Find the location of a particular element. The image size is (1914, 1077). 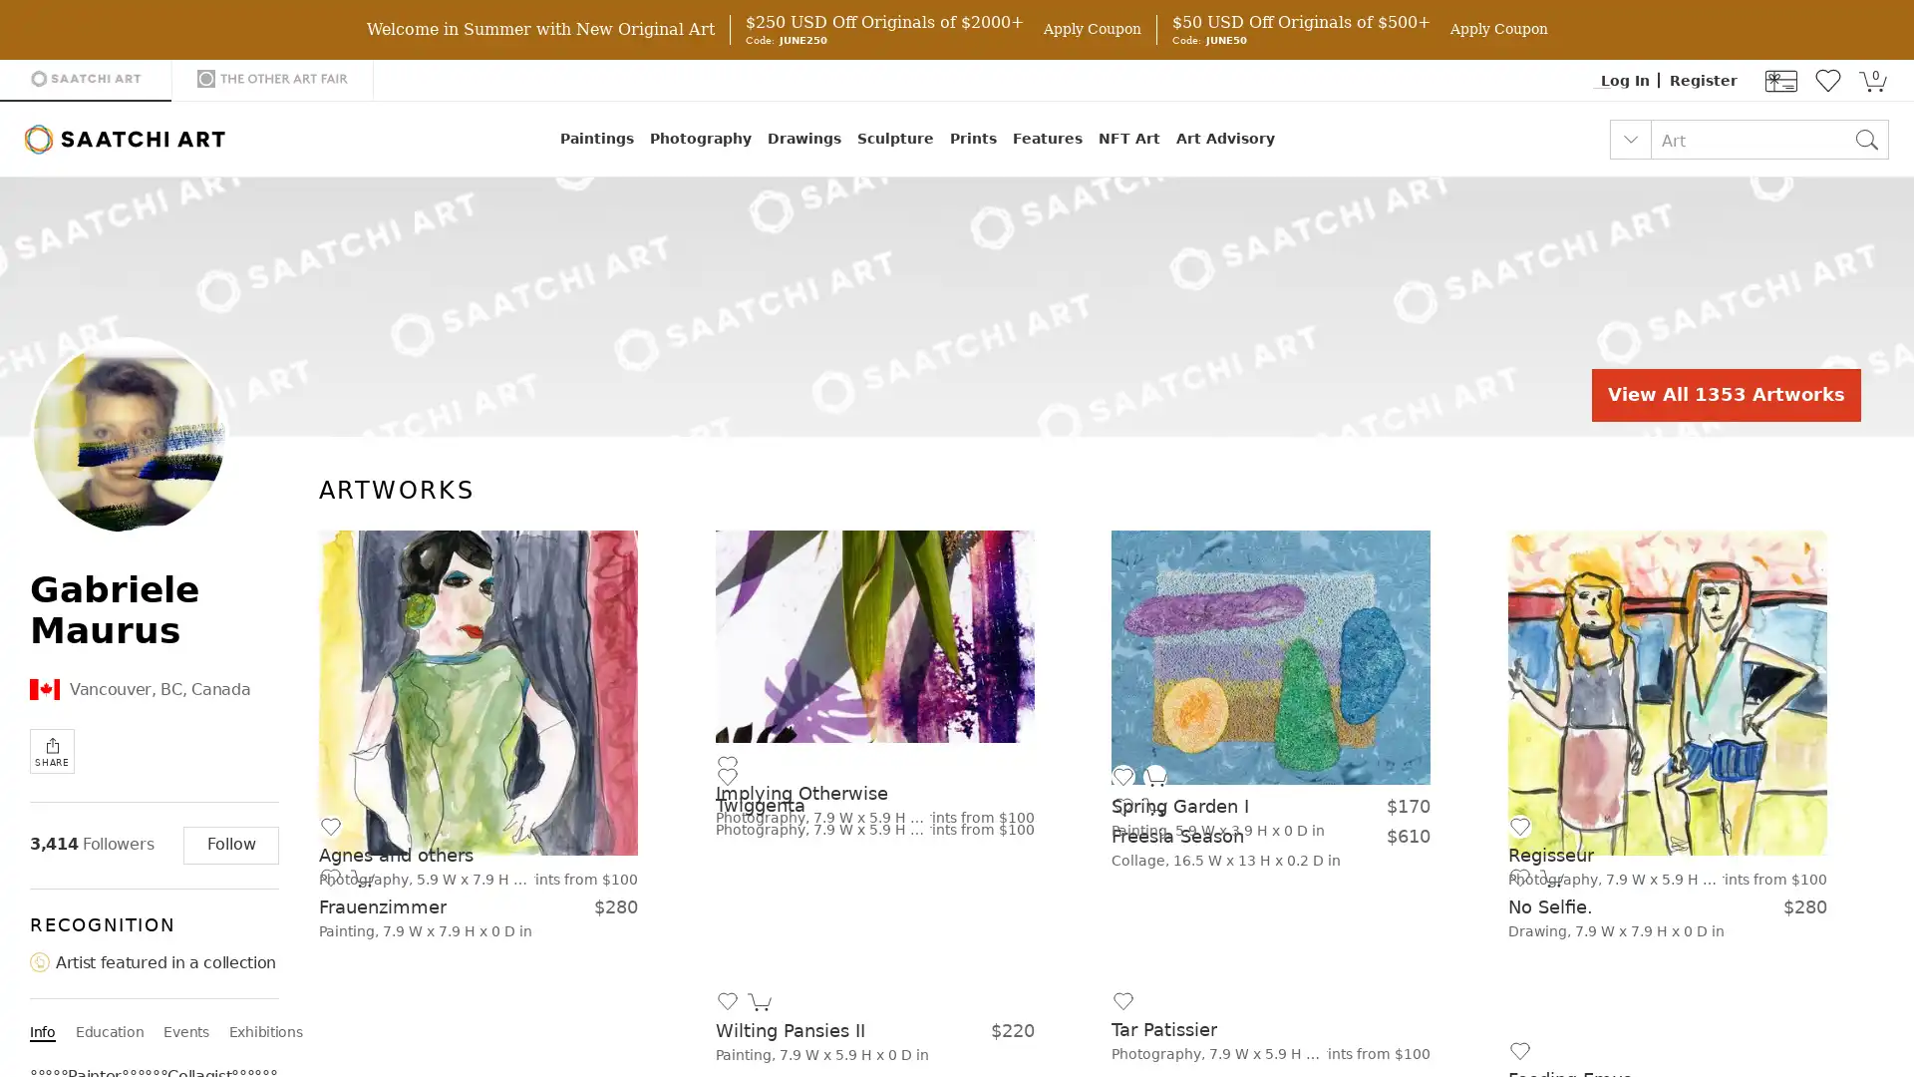

Select Search Item is located at coordinates (1631, 137).